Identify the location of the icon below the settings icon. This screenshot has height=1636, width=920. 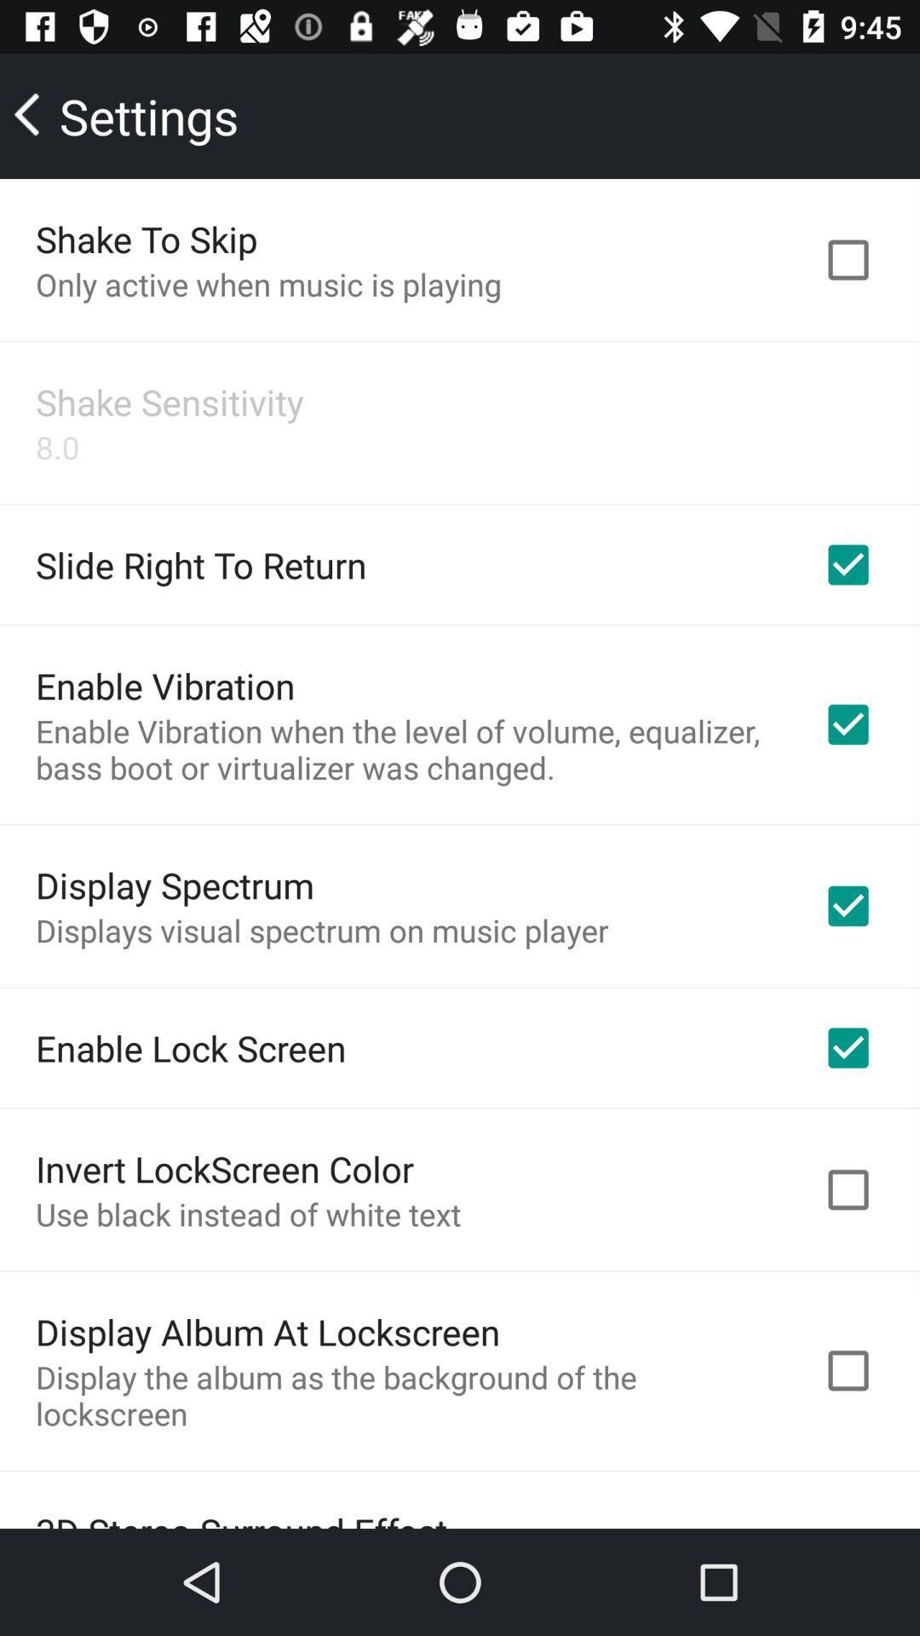
(146, 238).